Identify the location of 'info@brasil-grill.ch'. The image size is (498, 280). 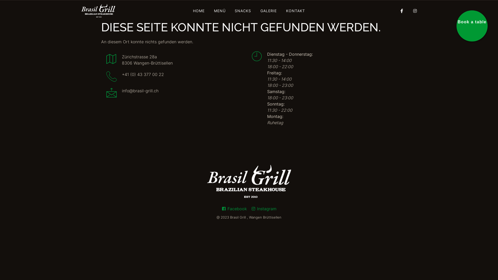
(132, 93).